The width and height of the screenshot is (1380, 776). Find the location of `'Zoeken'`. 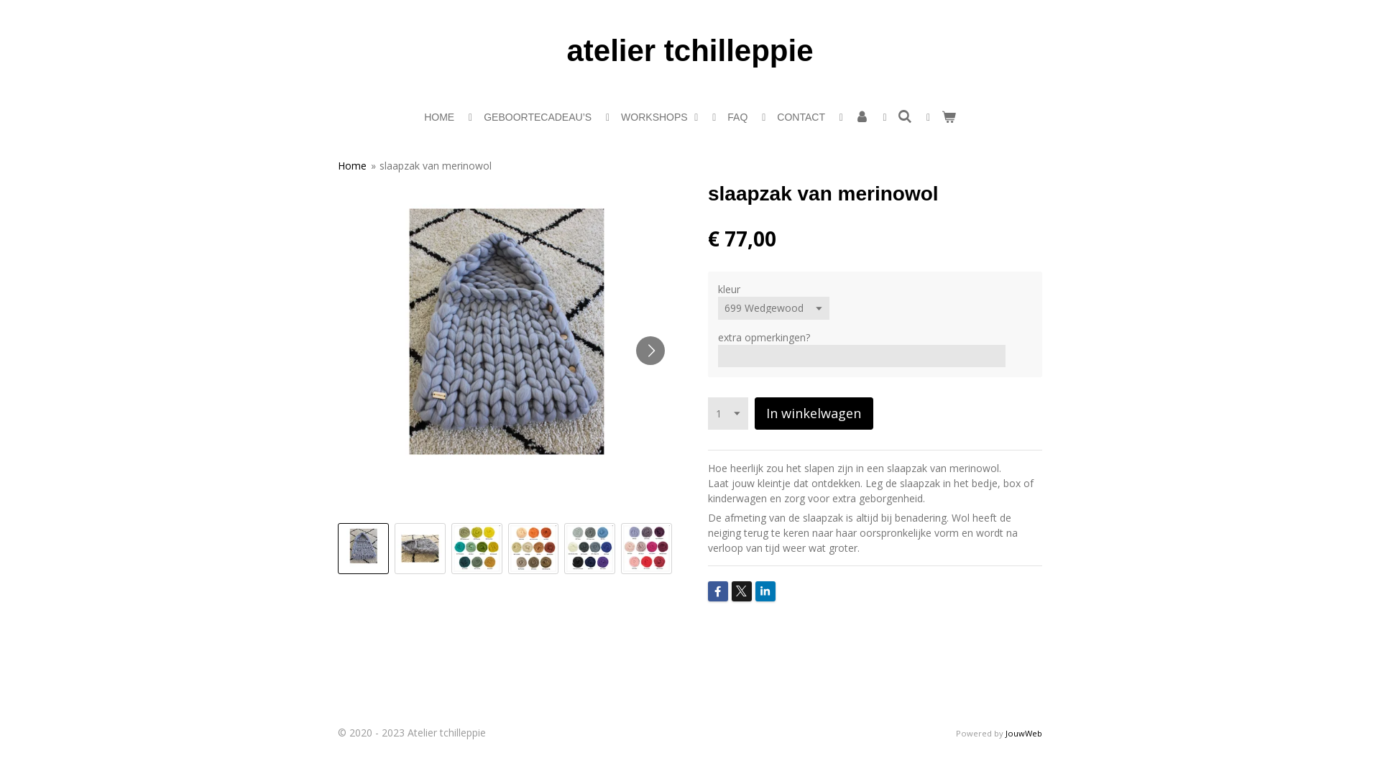

'Zoeken' is located at coordinates (904, 116).